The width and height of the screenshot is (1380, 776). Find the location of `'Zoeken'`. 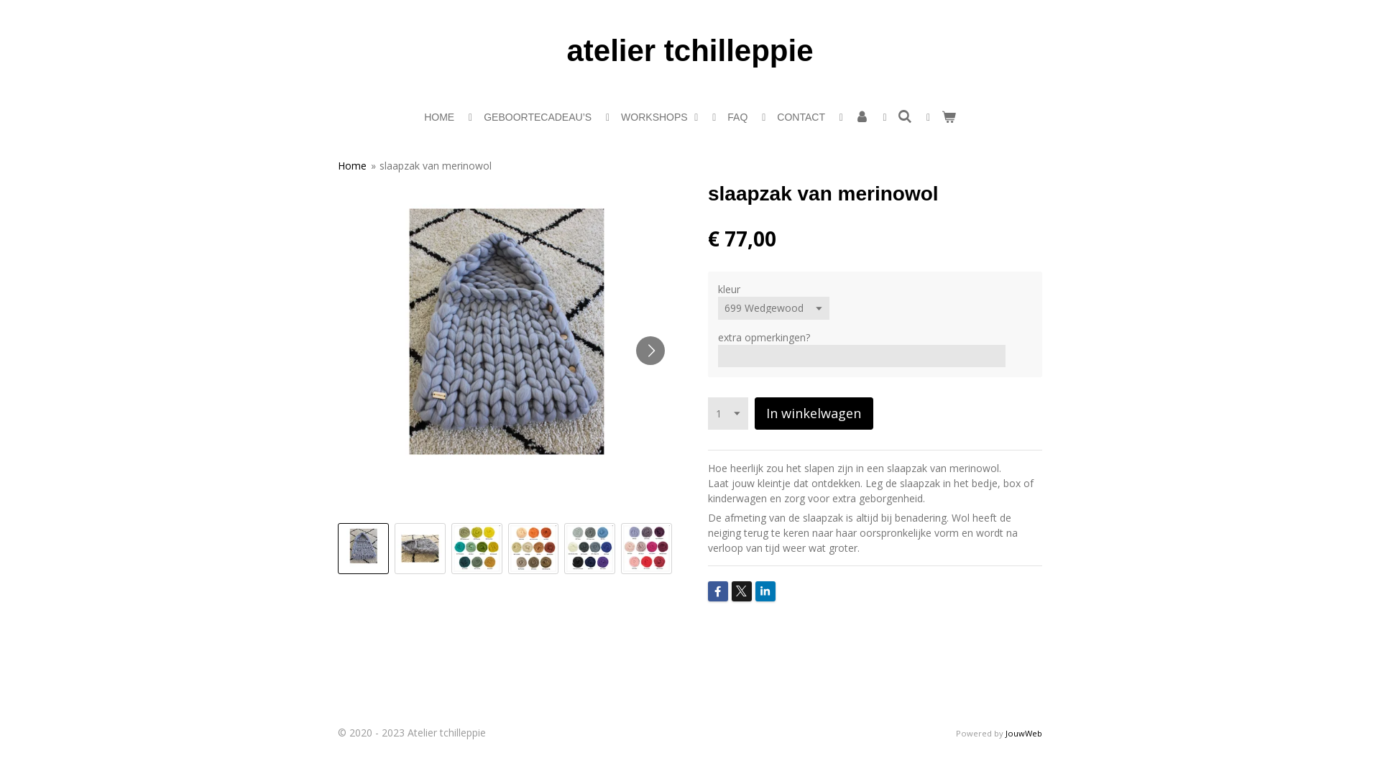

'Zoeken' is located at coordinates (904, 116).